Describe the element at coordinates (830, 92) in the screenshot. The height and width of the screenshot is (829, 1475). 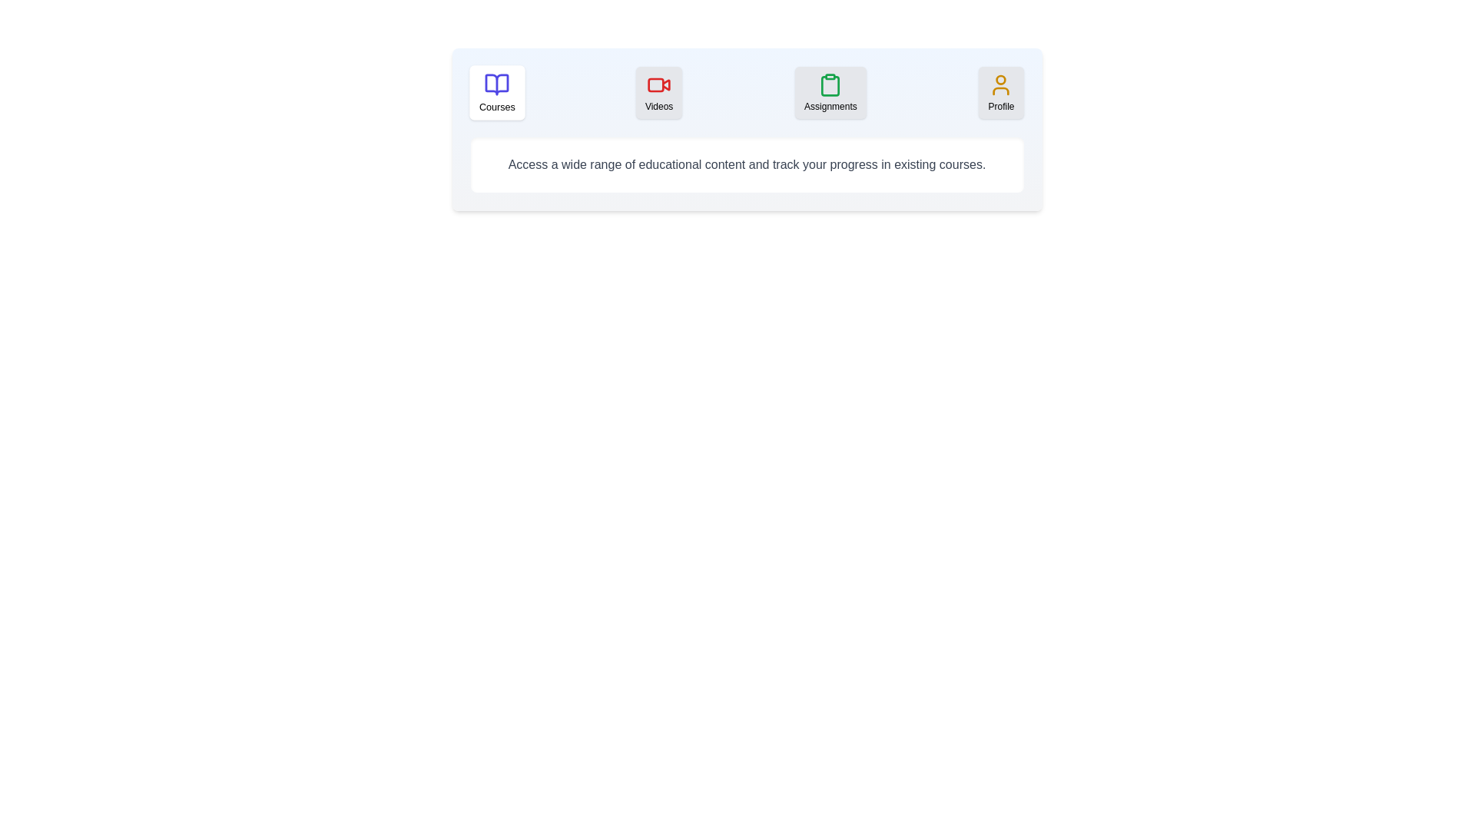
I see `the tab labeled Assignments to observe its hover effect` at that location.